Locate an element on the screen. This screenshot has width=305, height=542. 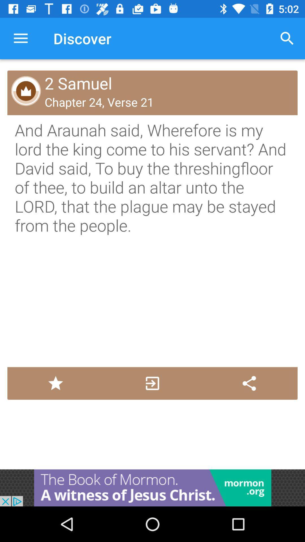
advertisement is located at coordinates (152, 488).